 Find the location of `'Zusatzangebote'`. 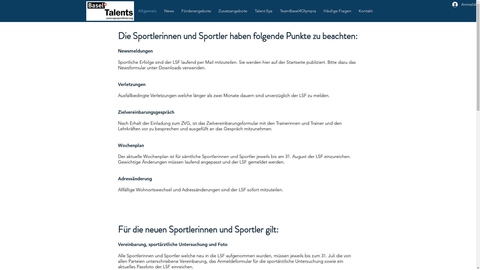

'Zusatzangebote' is located at coordinates (232, 11).